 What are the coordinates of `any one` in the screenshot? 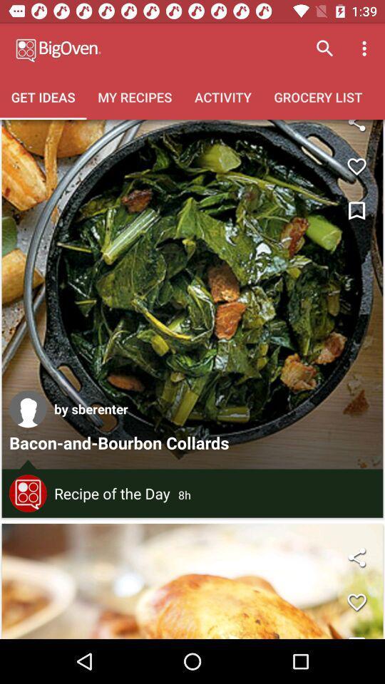 It's located at (28, 409).